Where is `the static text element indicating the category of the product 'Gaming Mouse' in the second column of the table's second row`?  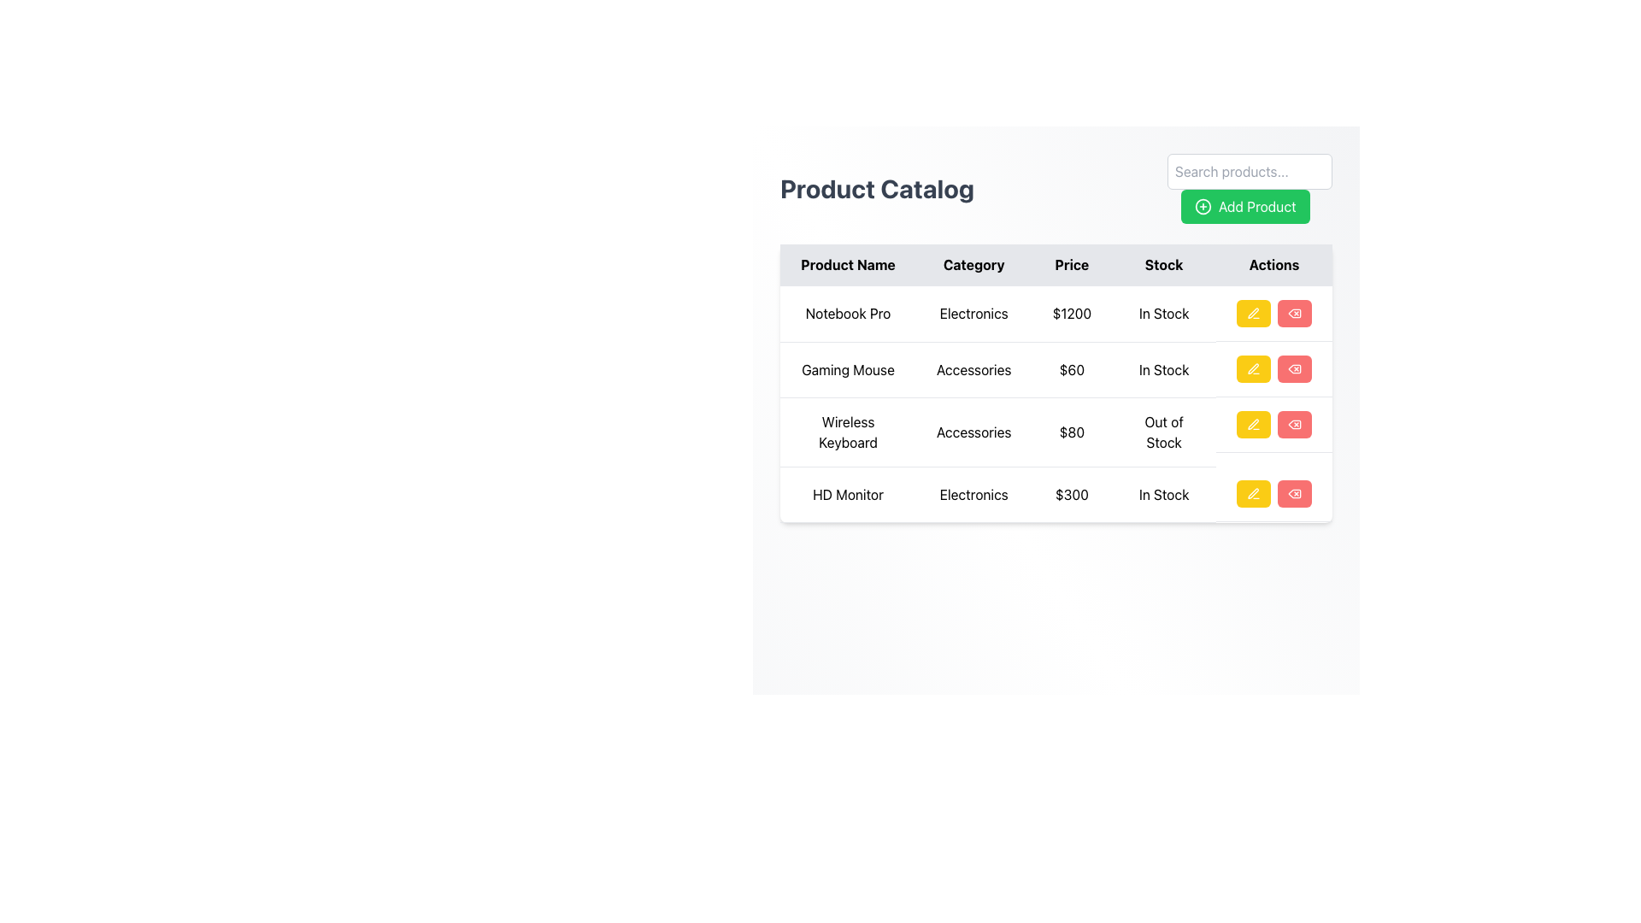
the static text element indicating the category of the product 'Gaming Mouse' in the second column of the table's second row is located at coordinates (973, 368).